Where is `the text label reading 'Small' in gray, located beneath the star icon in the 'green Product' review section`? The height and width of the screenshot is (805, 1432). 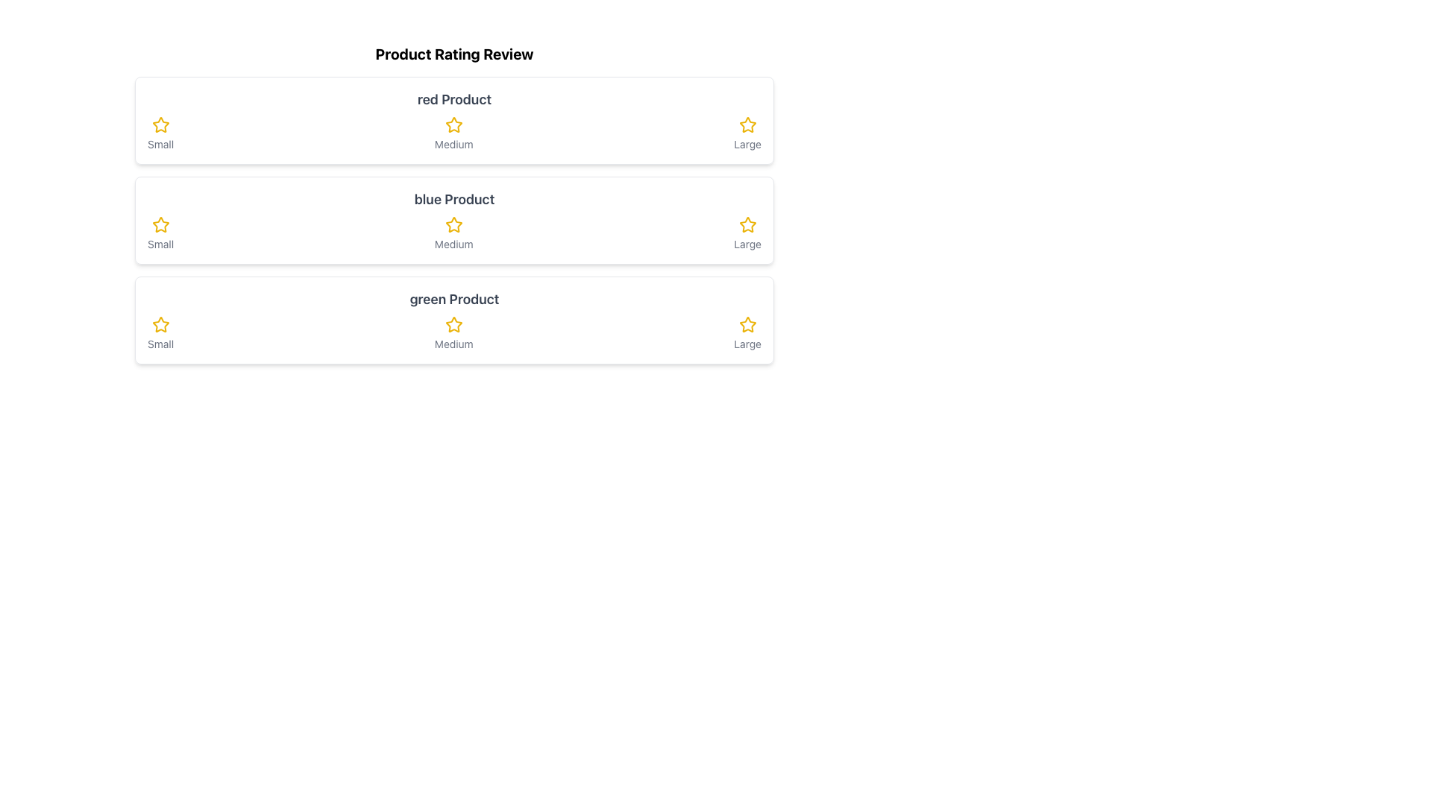
the text label reading 'Small' in gray, located beneath the star icon in the 'green Product' review section is located at coordinates (160, 344).